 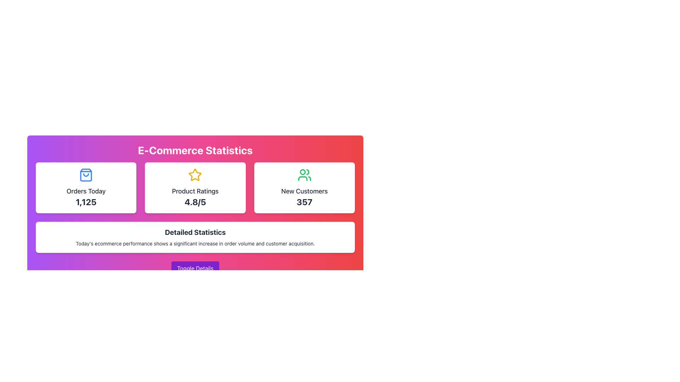 I want to click on the horizontal arc-like figure that represents the bottom part of the first user in the two-user icon with a green outline, so click(x=302, y=178).